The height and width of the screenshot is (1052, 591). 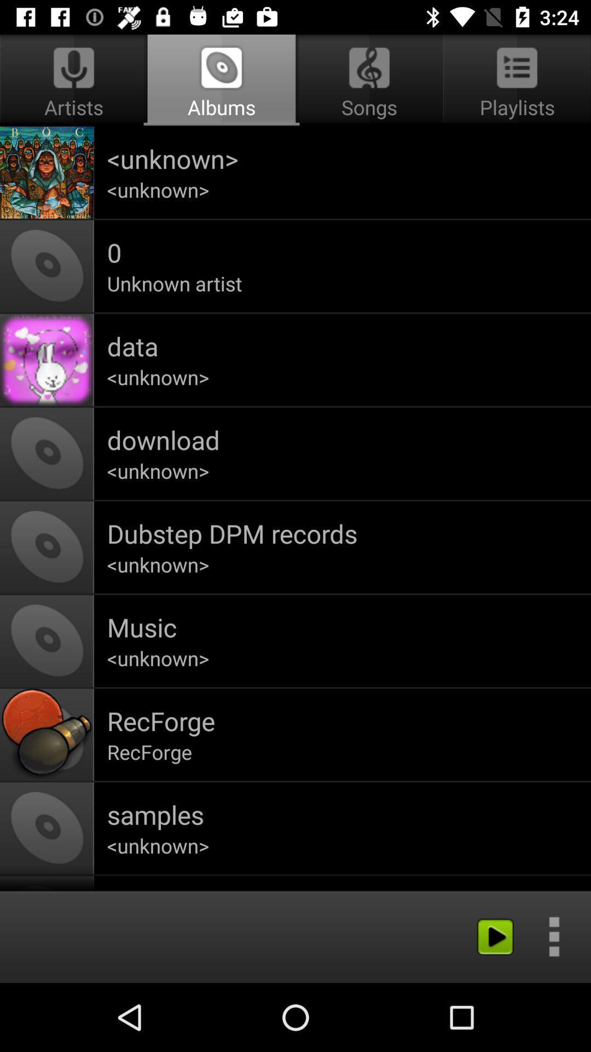 I want to click on the more icon, so click(x=554, y=936).